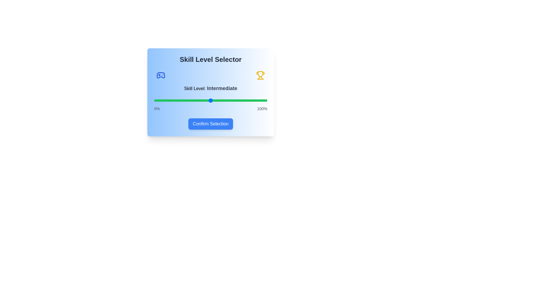 The width and height of the screenshot is (543, 305). Describe the element at coordinates (242, 100) in the screenshot. I see `the skill level slider to 78%, where 78 is a value between 0 and 100` at that location.